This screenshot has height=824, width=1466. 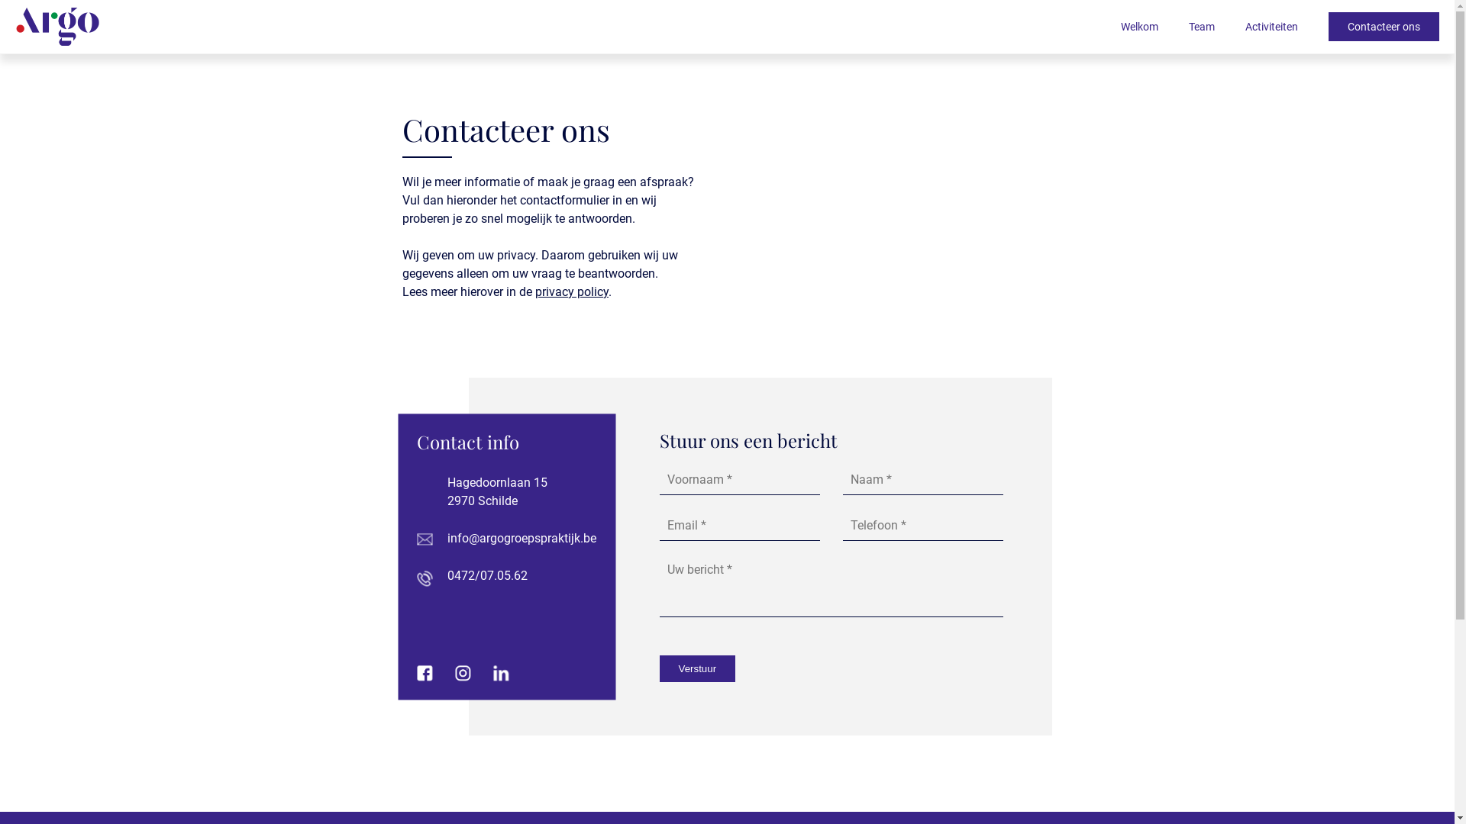 What do you see at coordinates (570, 291) in the screenshot?
I see `'privacy policy'` at bounding box center [570, 291].